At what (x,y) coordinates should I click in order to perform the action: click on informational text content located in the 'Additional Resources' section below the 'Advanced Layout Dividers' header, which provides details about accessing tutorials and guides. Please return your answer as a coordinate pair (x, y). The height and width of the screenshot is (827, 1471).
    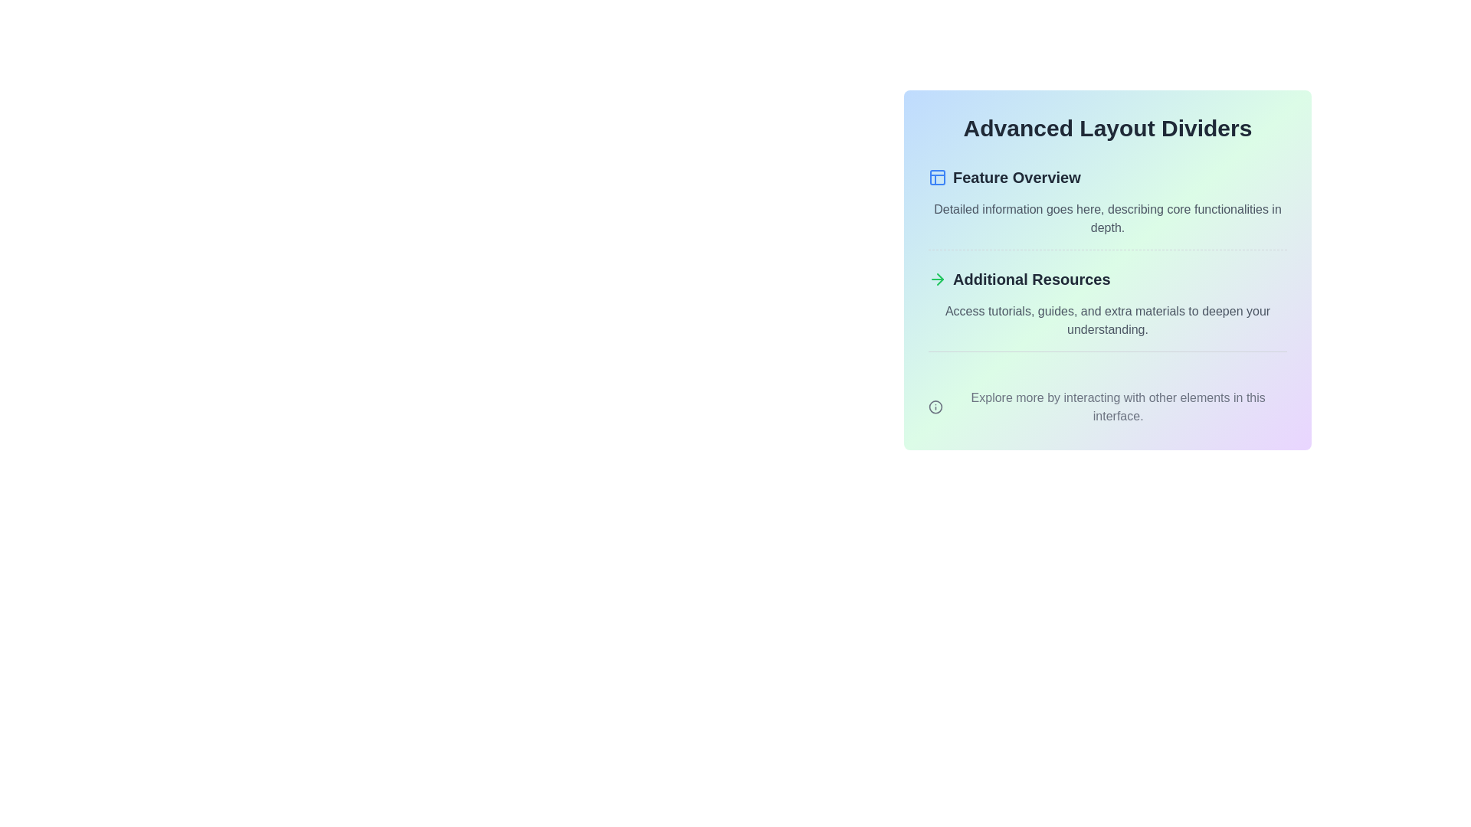
    Looking at the image, I should click on (1107, 320).